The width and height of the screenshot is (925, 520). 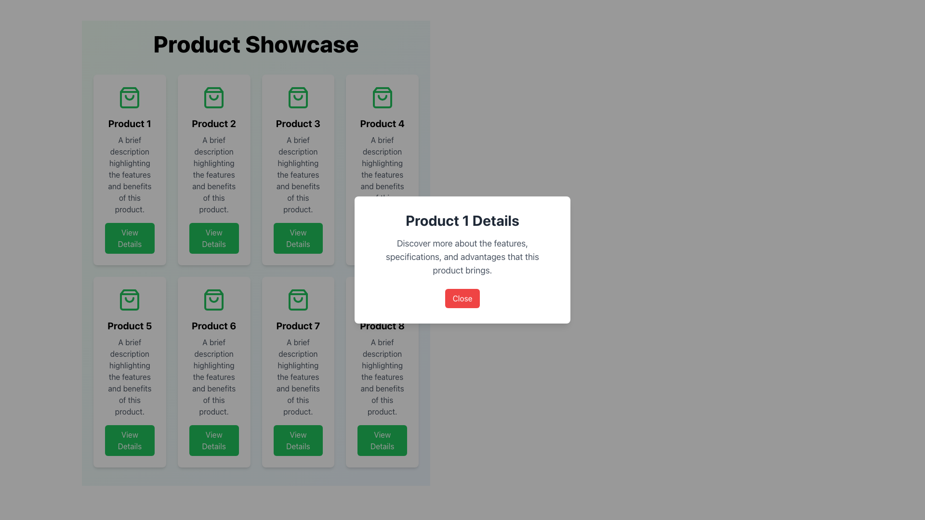 What do you see at coordinates (213, 440) in the screenshot?
I see `the rectangular green button labeled 'View Details' at the bottom center of the 'Product 6' card` at bounding box center [213, 440].